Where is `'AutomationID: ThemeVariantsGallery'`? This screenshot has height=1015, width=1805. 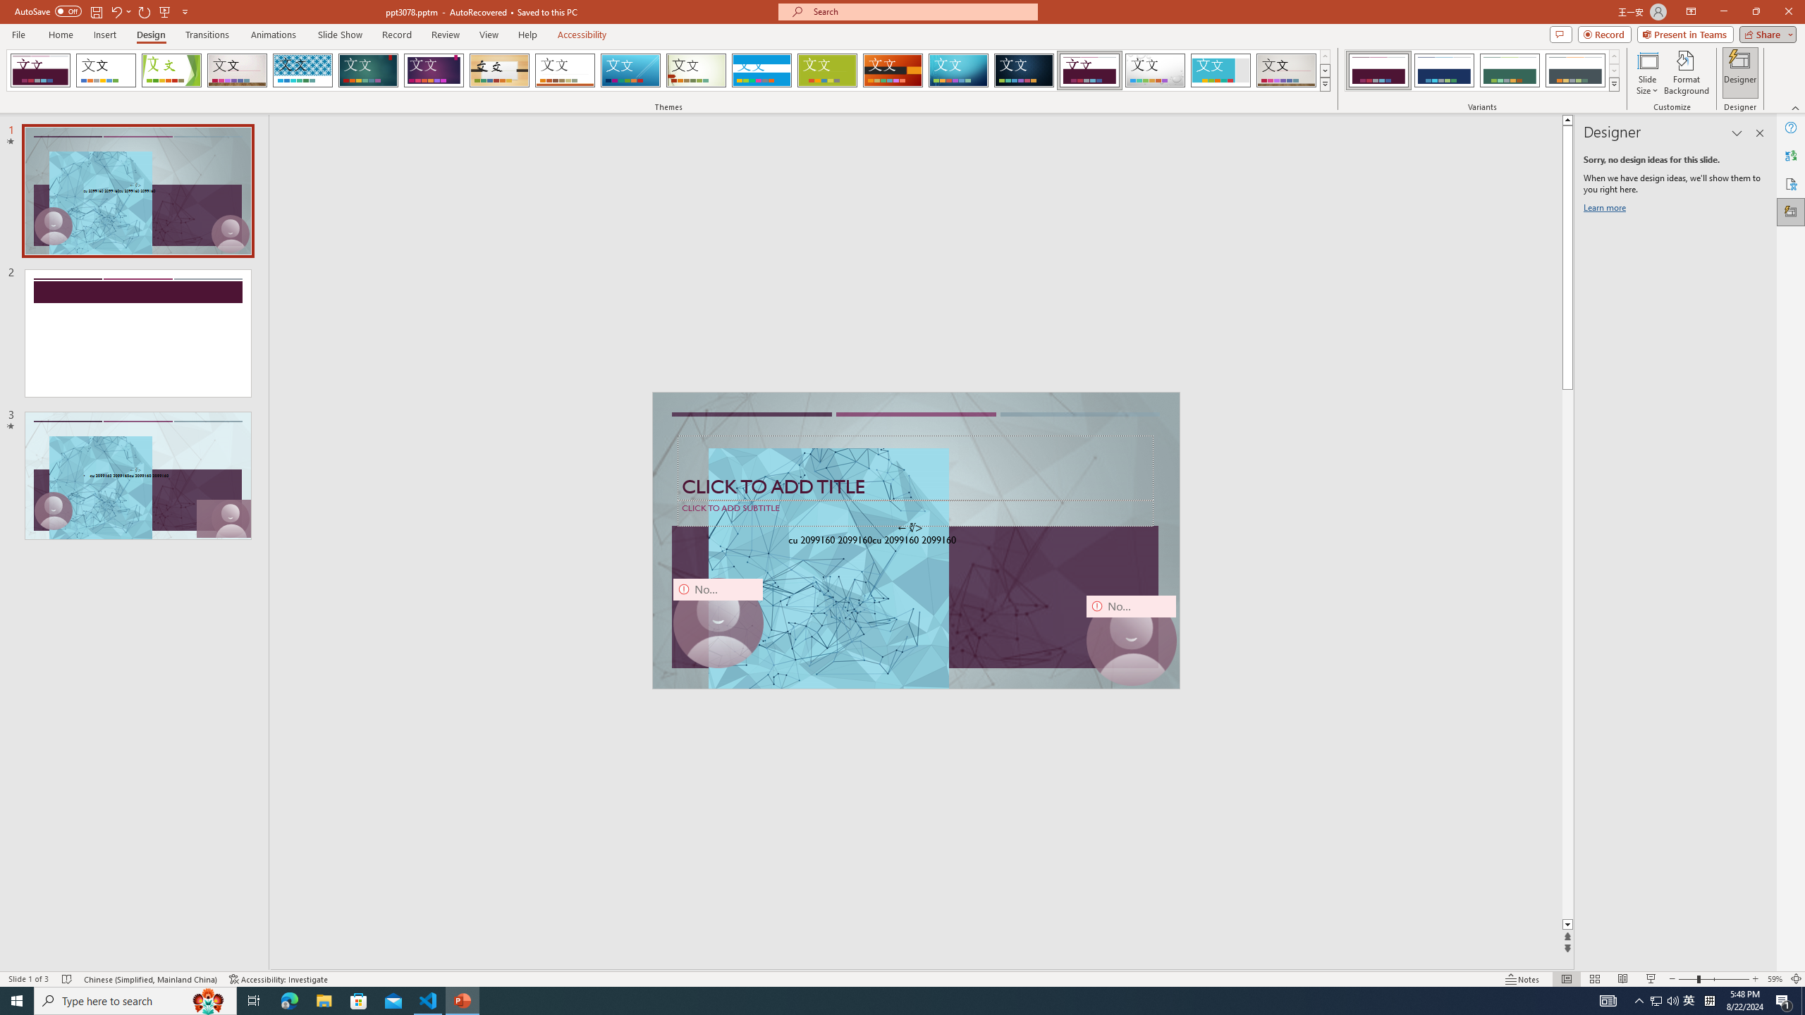 'AutomationID: ThemeVariantsGallery' is located at coordinates (1483, 70).